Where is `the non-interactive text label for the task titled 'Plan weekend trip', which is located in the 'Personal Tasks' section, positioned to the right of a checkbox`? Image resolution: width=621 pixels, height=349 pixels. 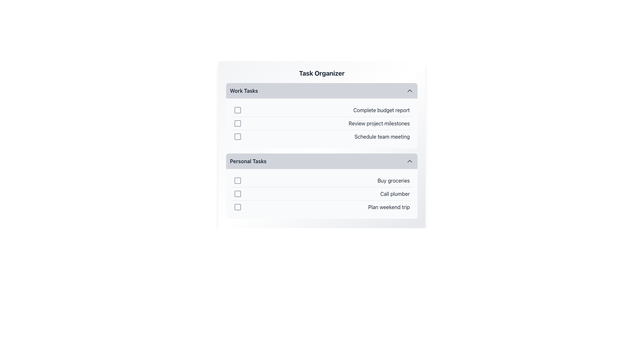
the non-interactive text label for the task titled 'Plan weekend trip', which is located in the 'Personal Tasks' section, positioned to the right of a checkbox is located at coordinates (388, 207).